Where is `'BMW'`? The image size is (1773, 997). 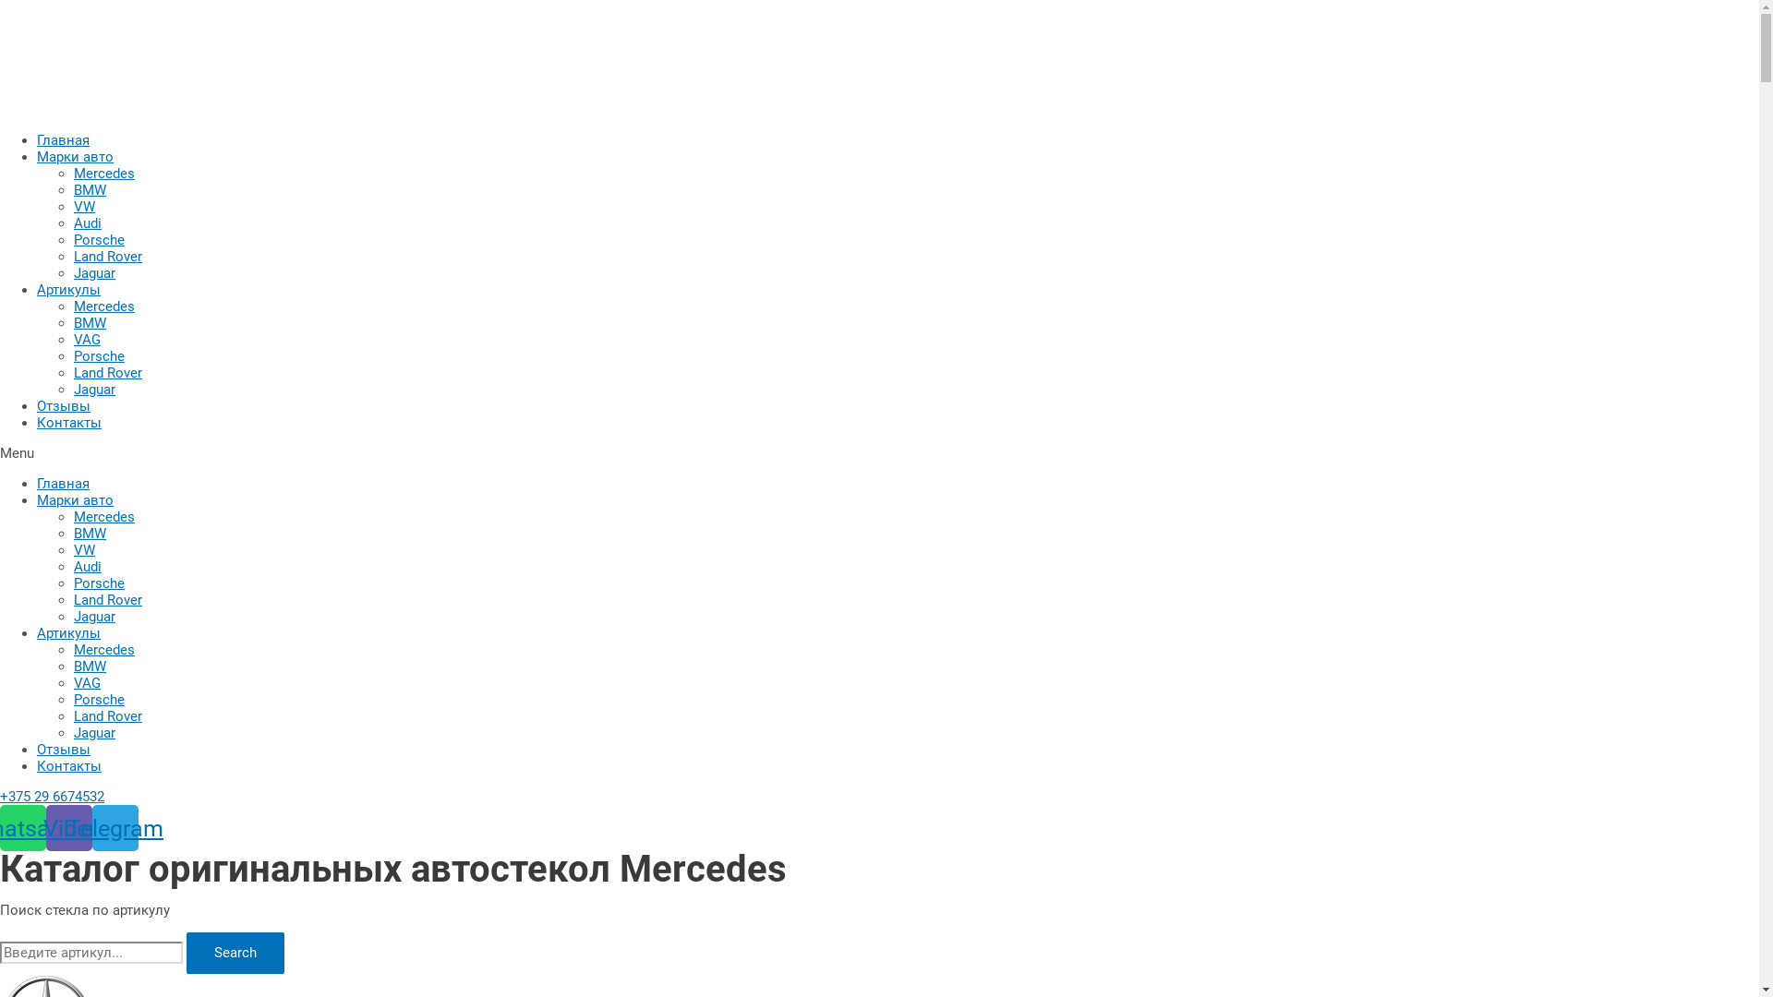
'BMW' is located at coordinates (89, 534).